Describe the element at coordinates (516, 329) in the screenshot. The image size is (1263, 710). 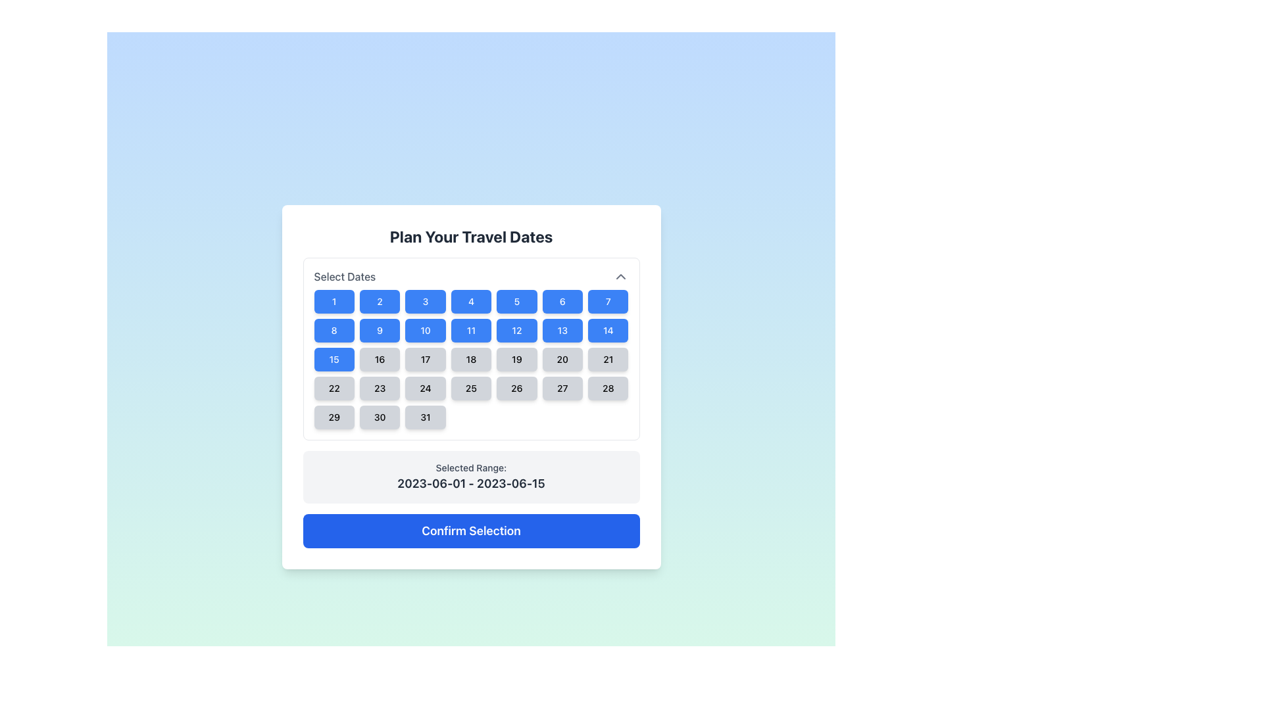
I see `the selectable day button in the date picker interface located in the second row and sixth column` at that location.